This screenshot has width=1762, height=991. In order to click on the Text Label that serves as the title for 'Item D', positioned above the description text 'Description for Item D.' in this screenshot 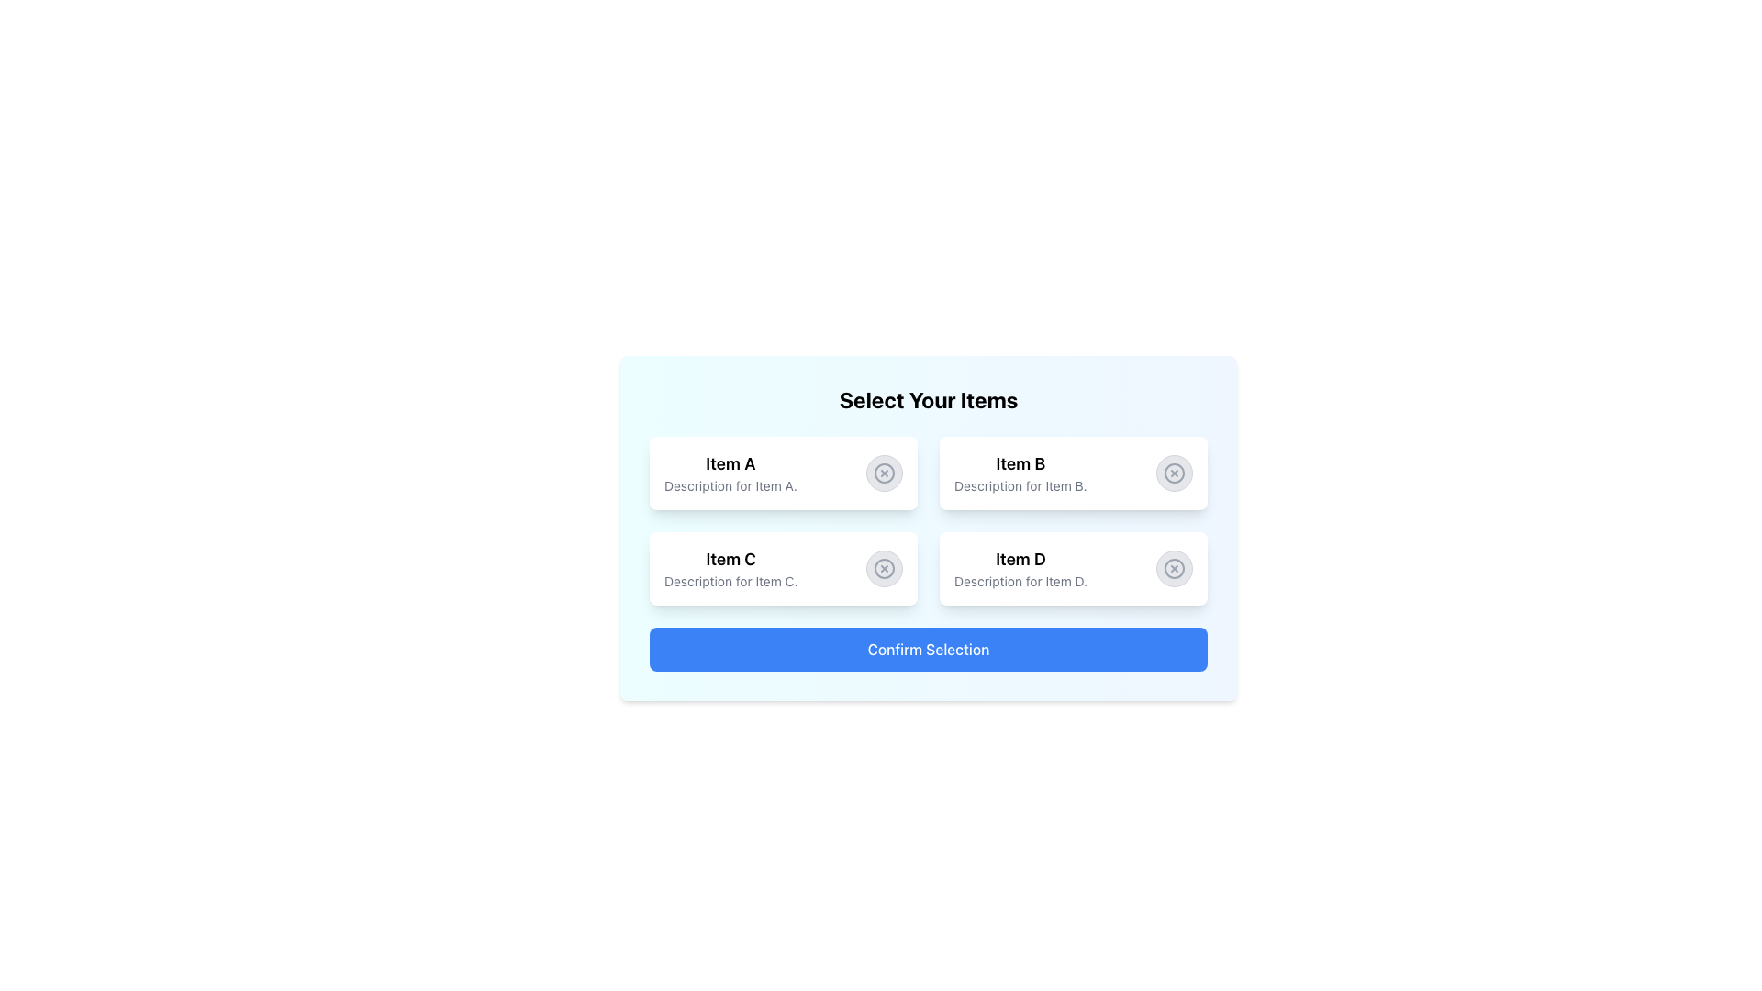, I will do `click(1020, 558)`.